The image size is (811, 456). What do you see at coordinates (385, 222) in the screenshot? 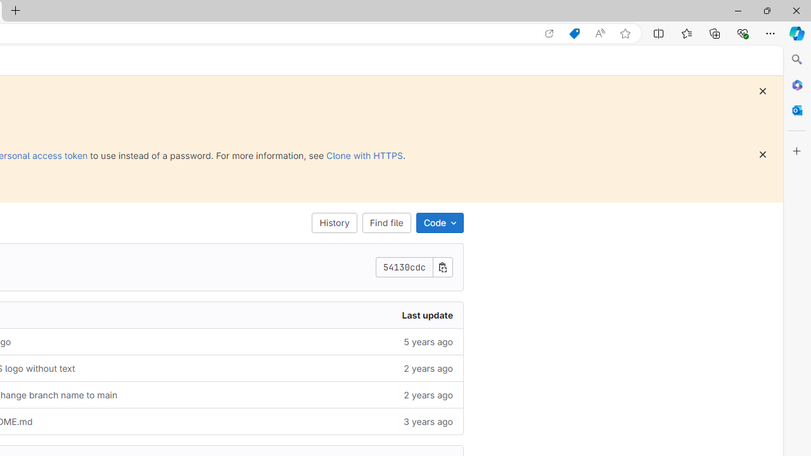
I see `'Find file'` at bounding box center [385, 222].